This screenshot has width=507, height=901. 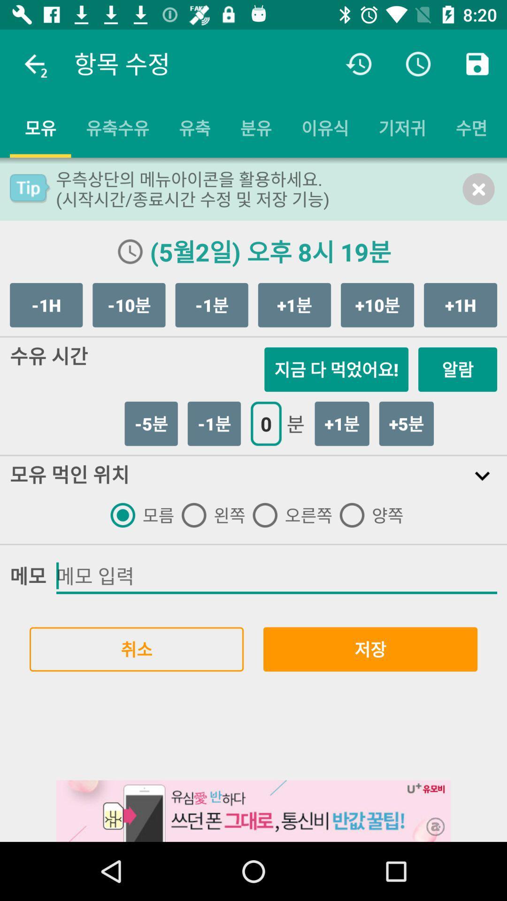 I want to click on the box below 1h, so click(x=457, y=369).